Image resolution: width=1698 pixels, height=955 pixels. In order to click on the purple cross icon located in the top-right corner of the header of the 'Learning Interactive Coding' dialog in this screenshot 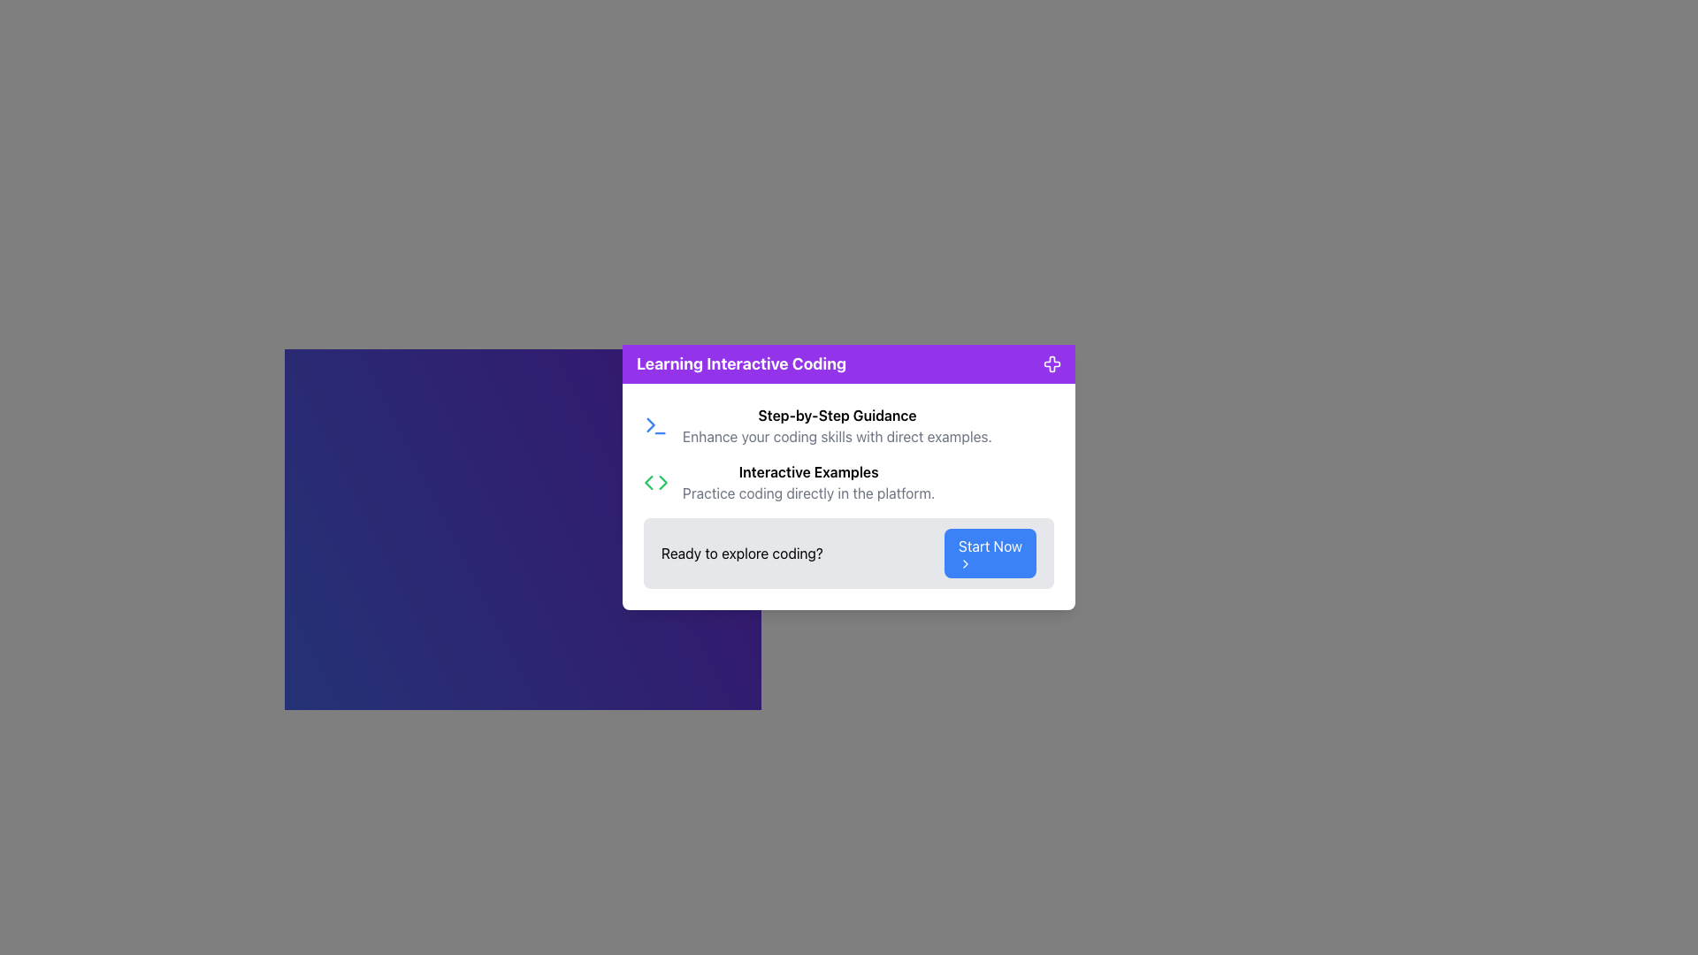, I will do `click(1052, 363)`.